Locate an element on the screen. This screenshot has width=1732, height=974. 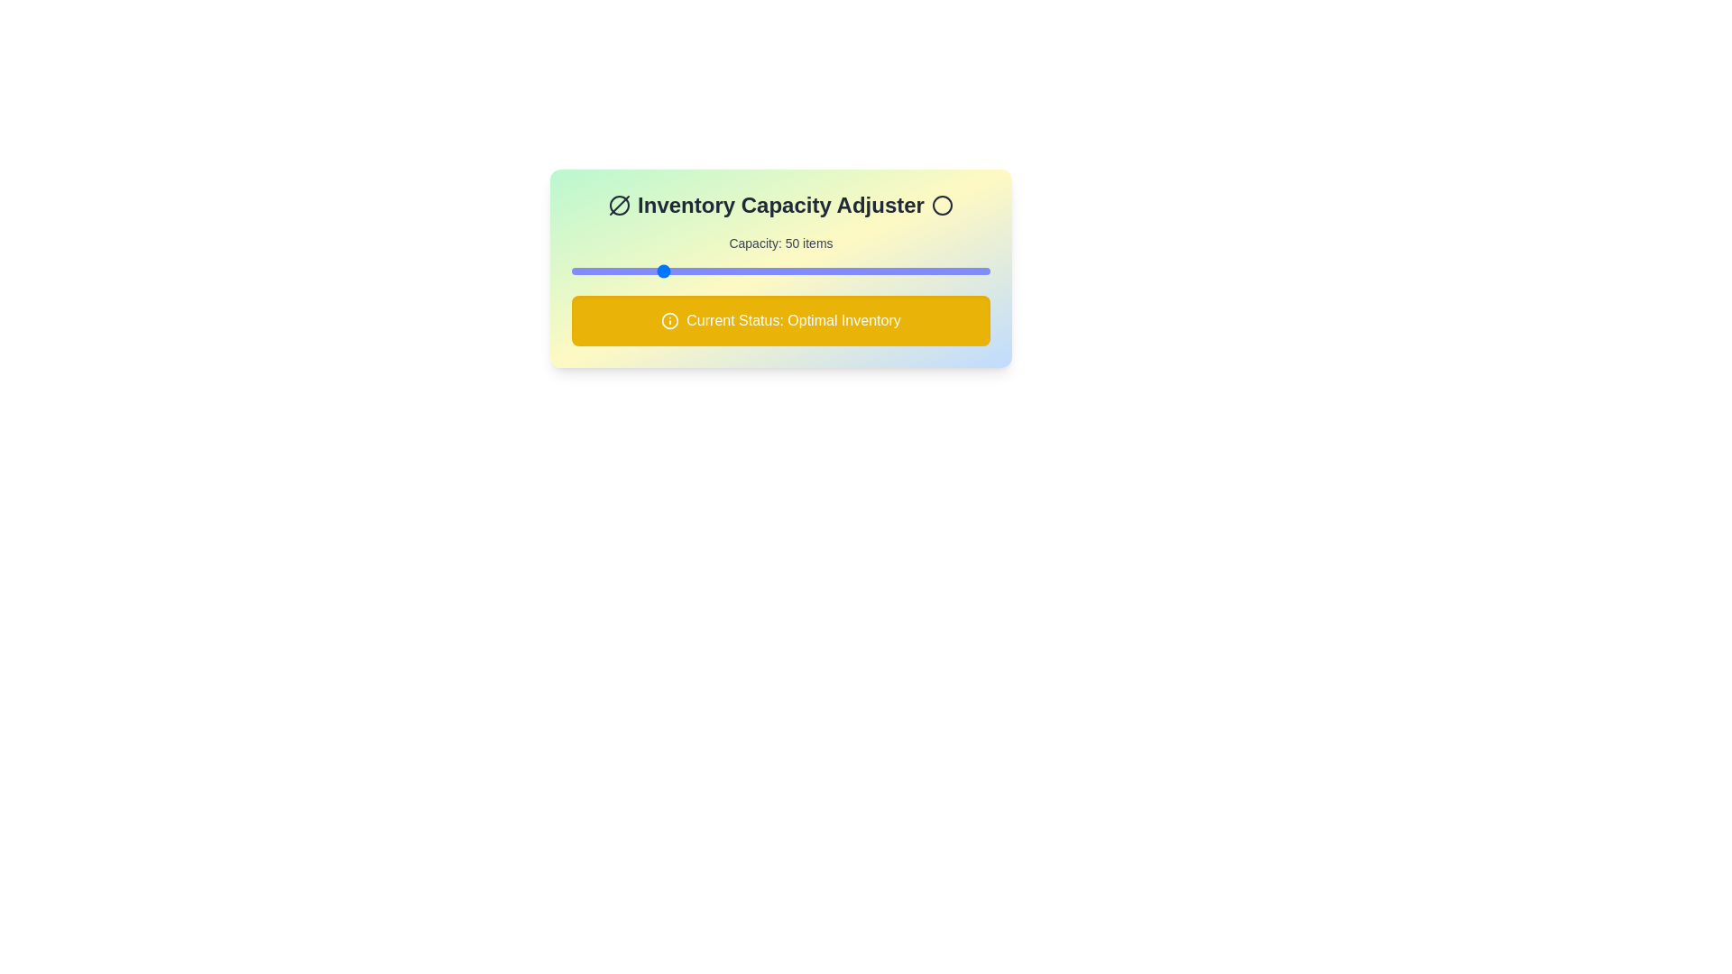
the inventory capacity slider to 107 items is located at coordinates (785, 271).